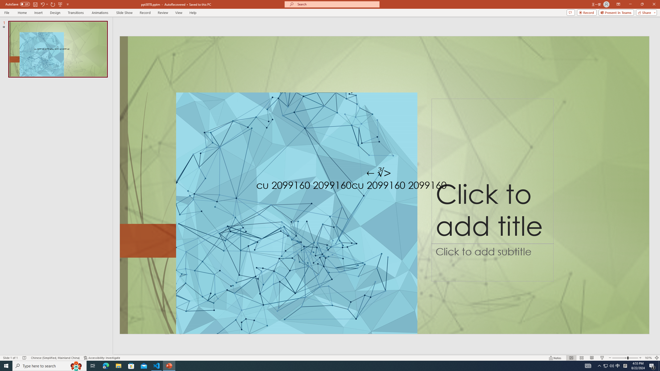  Describe the element at coordinates (648, 358) in the screenshot. I see `'Zoom 161%'` at that location.